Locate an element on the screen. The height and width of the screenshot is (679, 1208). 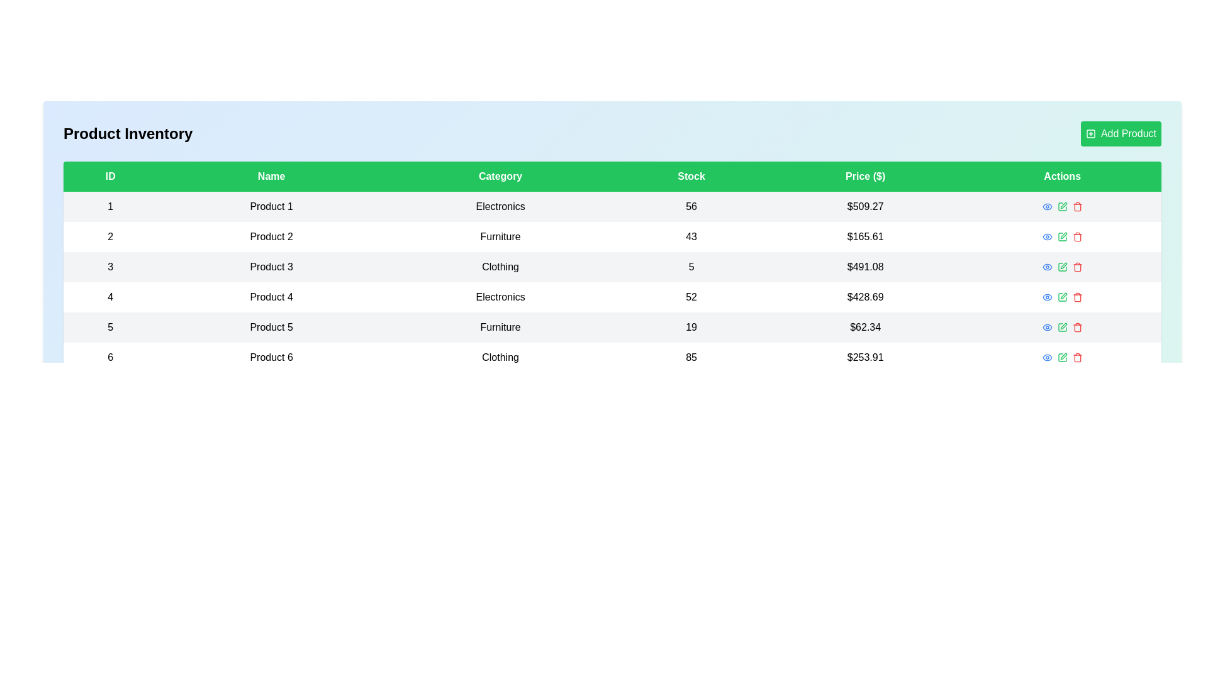
the column header to sort the table by Category is located at coordinates (500, 177).